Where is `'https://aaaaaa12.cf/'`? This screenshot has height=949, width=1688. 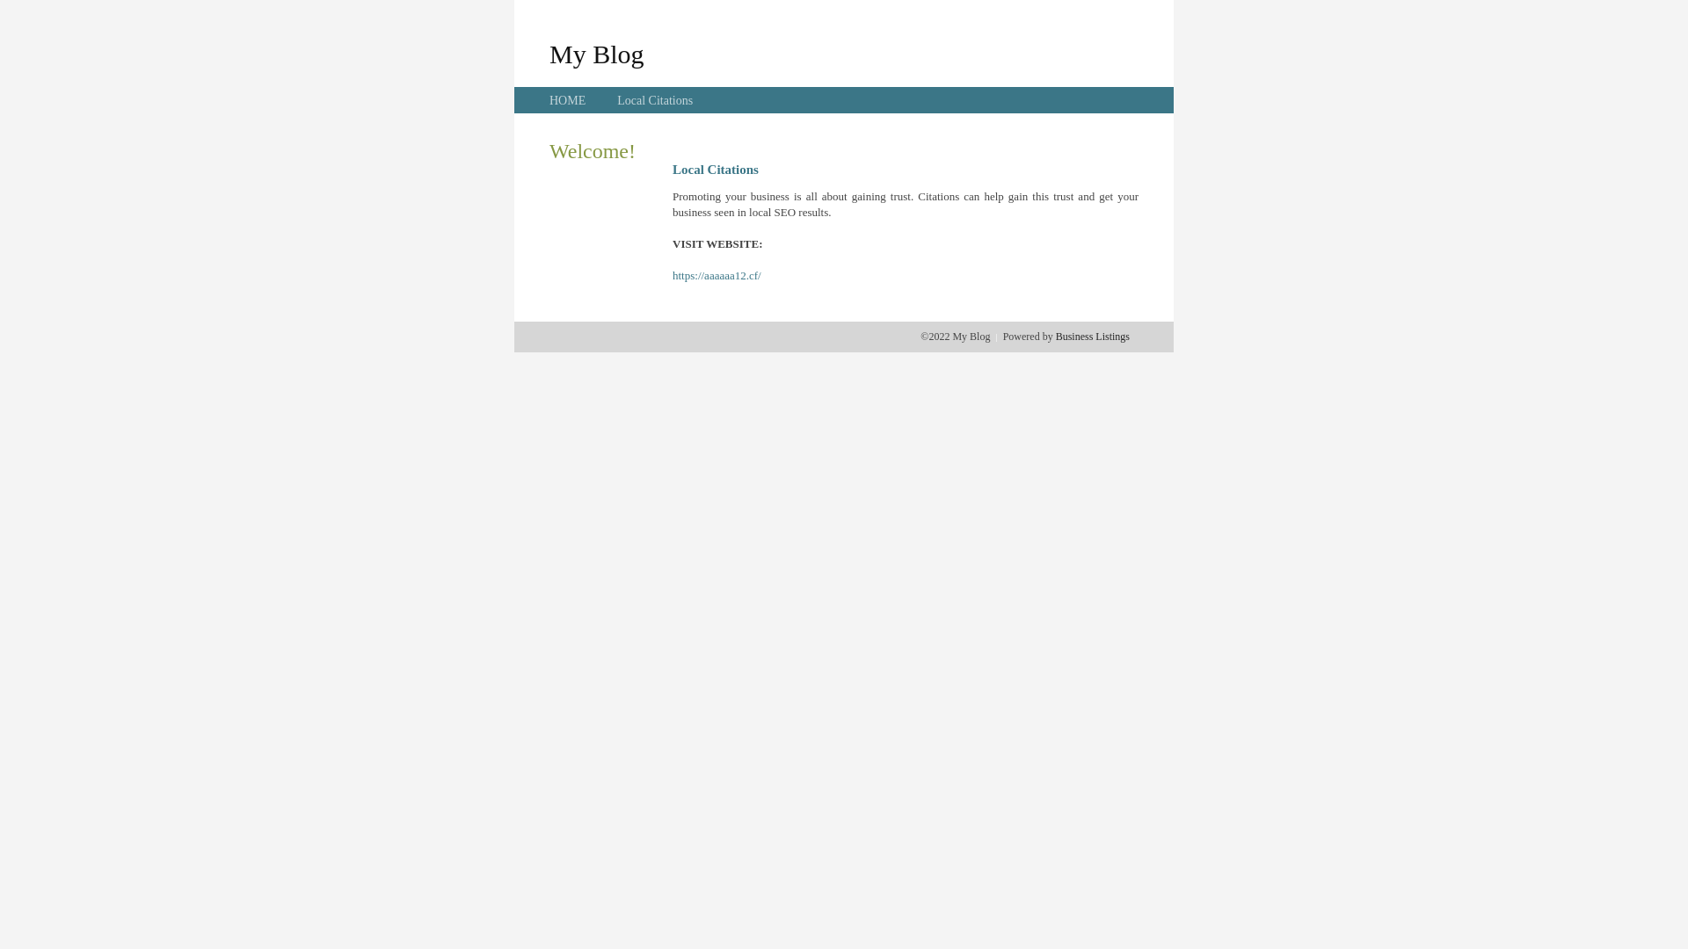
'https://aaaaaa12.cf/' is located at coordinates (671, 275).